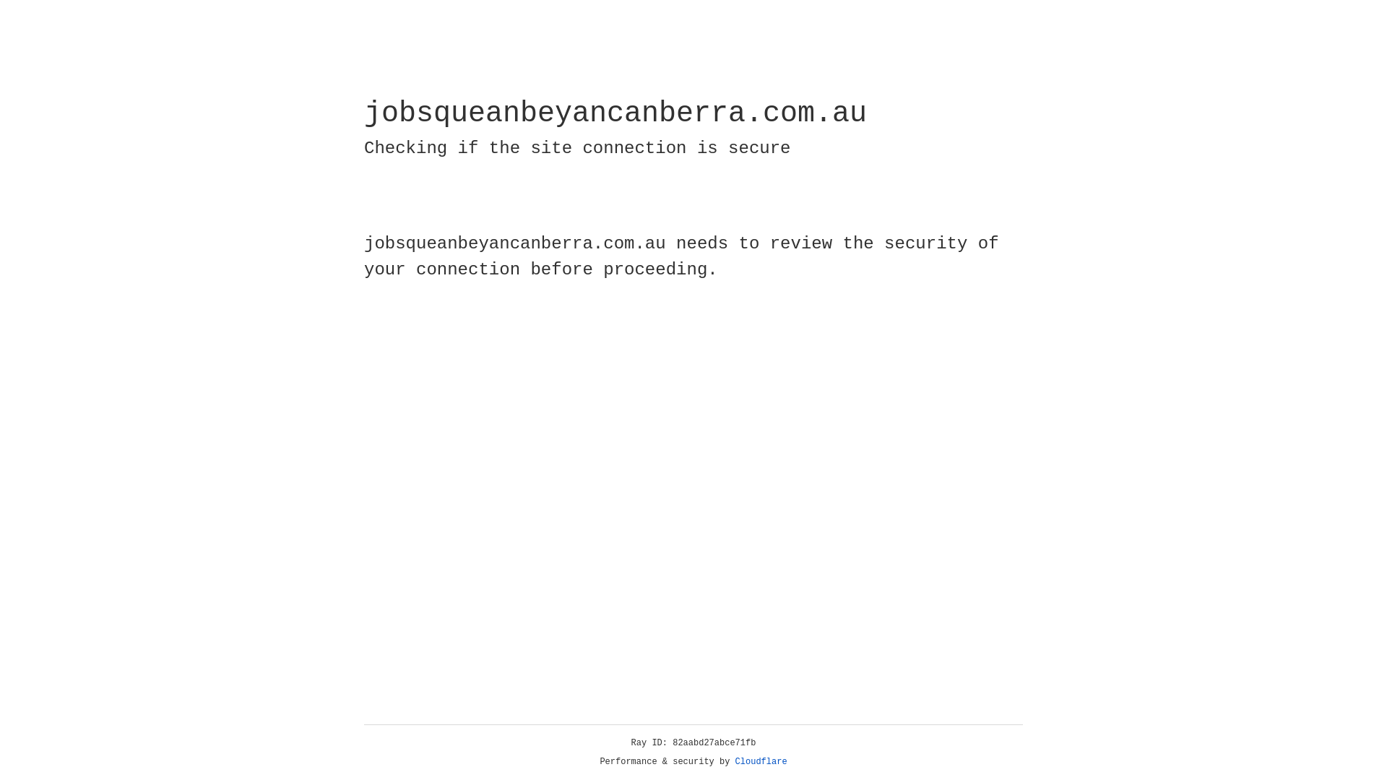  What do you see at coordinates (761, 761) in the screenshot?
I see `'Cloudflare'` at bounding box center [761, 761].